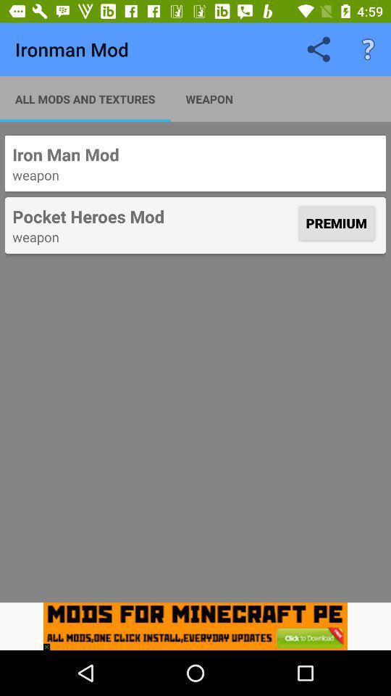  I want to click on the pocket heroes mod item, so click(153, 215).